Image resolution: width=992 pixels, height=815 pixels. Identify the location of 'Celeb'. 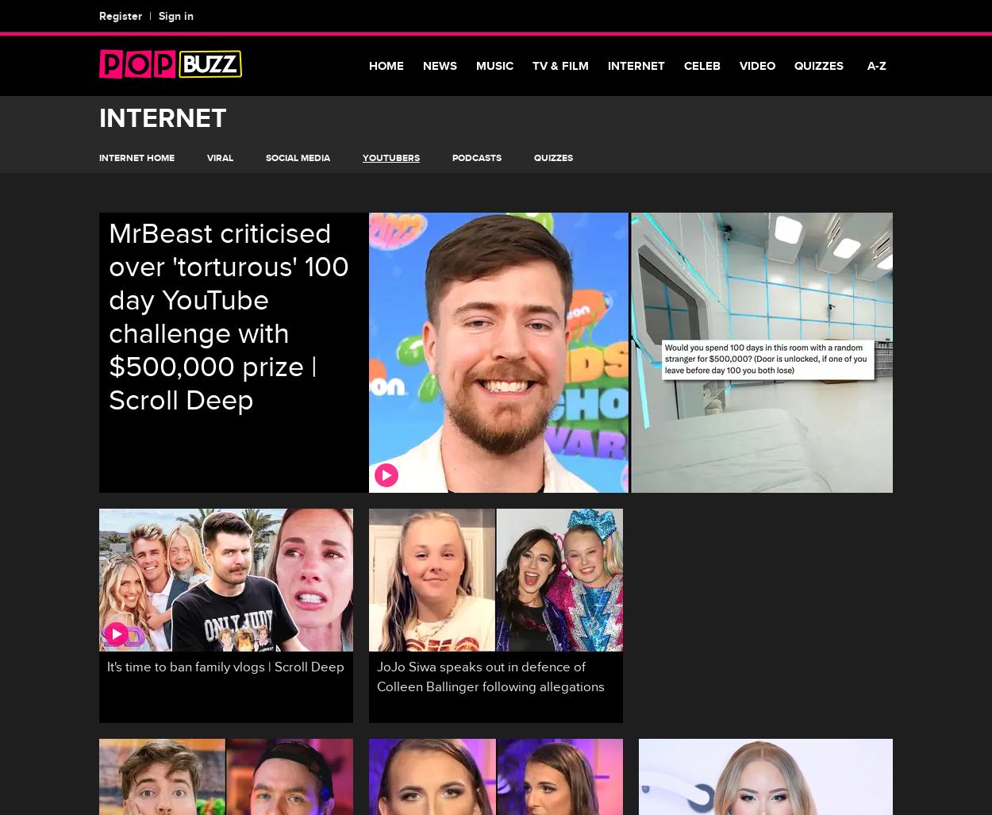
(702, 64).